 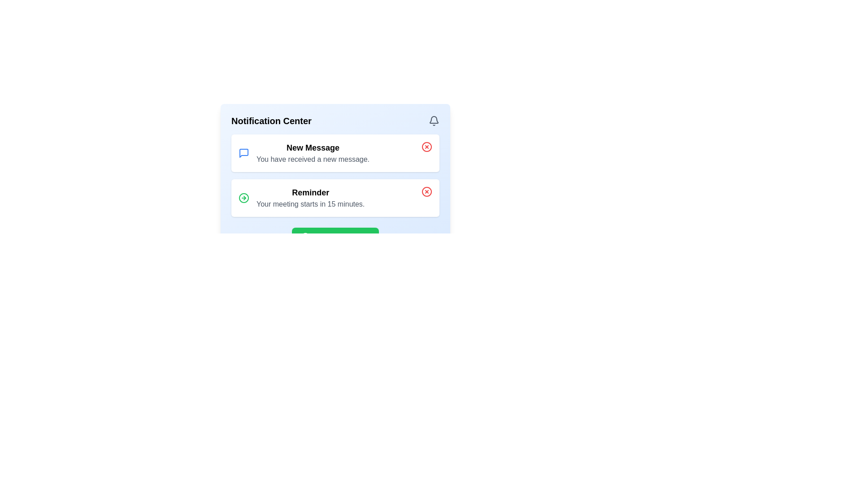 What do you see at coordinates (335, 236) in the screenshot?
I see `the button that marks all notifications as read, located at the bottom of the notification card` at bounding box center [335, 236].